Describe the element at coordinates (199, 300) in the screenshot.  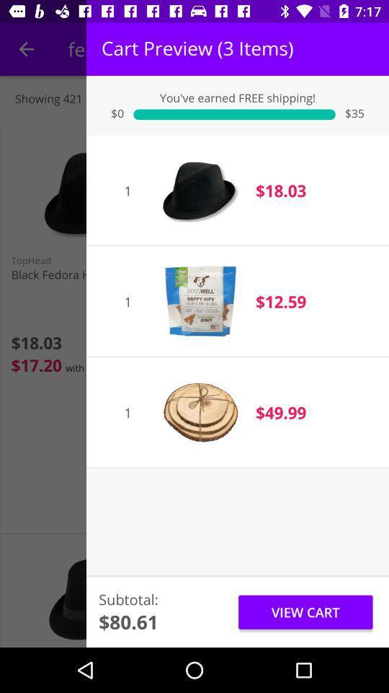
I see `the second image which is before 1259 on a page` at that location.